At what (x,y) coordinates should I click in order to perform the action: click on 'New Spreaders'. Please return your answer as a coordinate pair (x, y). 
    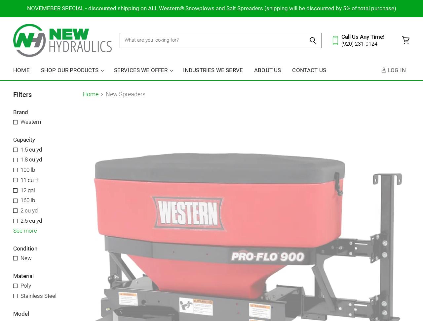
    Looking at the image, I should click on (126, 94).